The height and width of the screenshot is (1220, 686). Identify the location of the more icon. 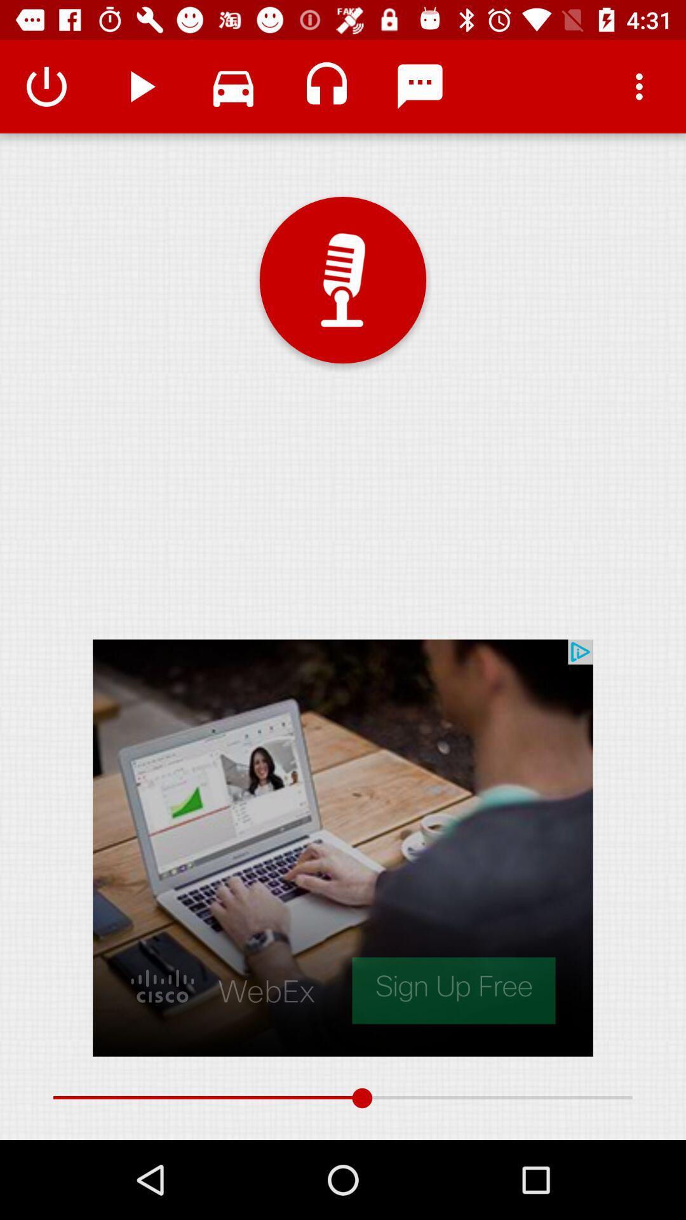
(639, 86).